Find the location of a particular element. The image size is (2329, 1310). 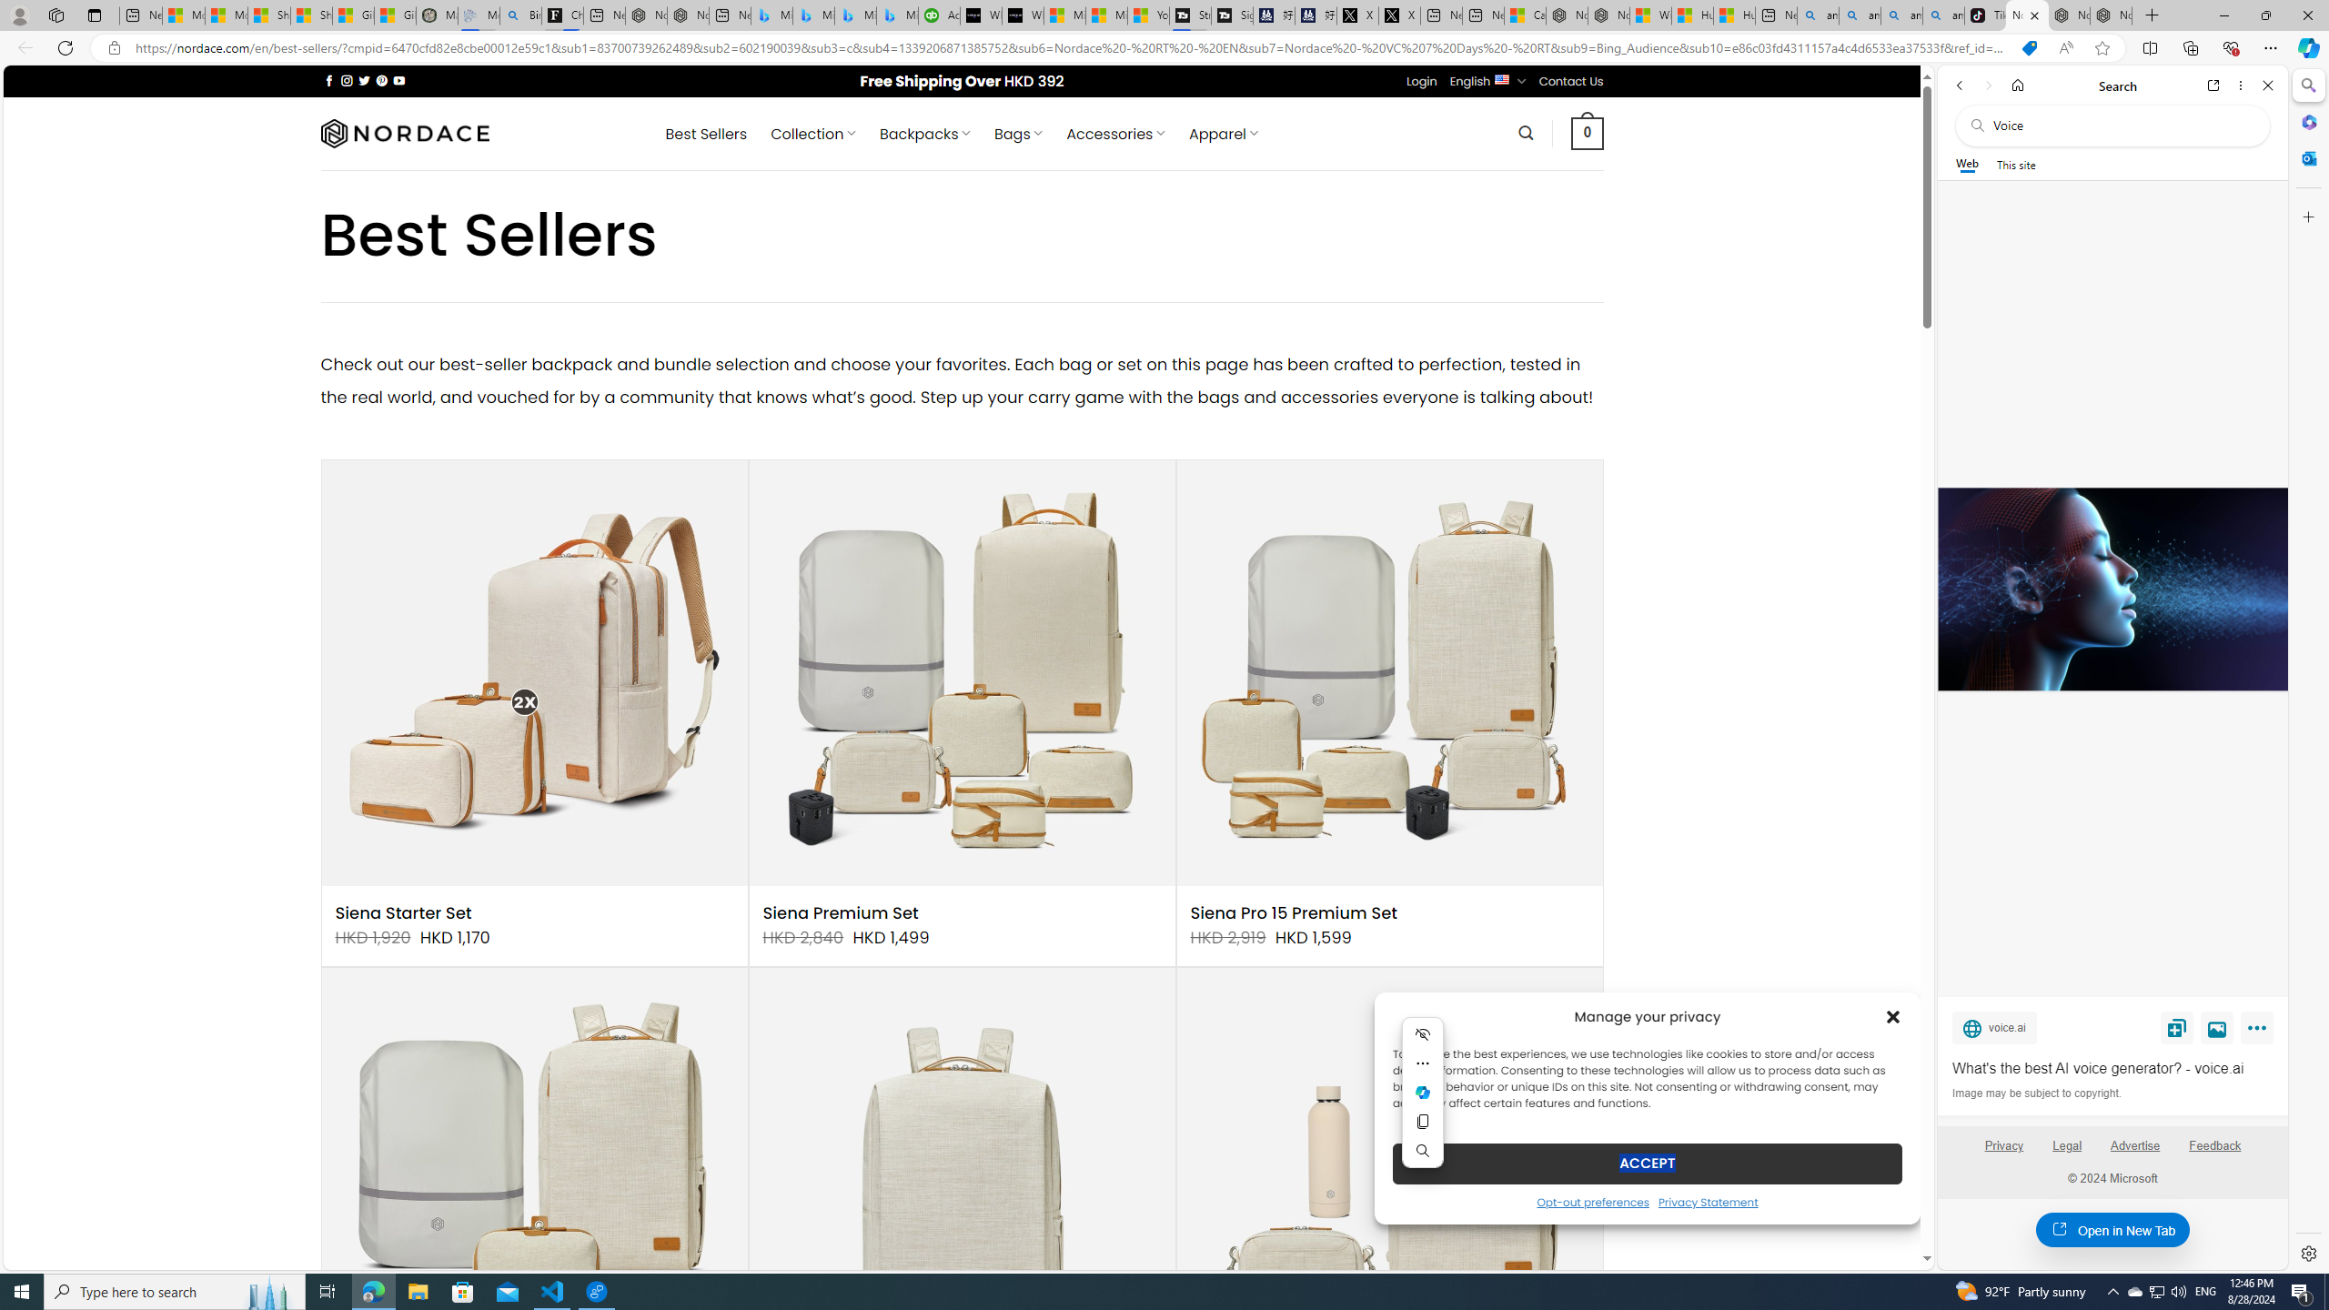

'Bing Real Estate - Home sales and rental listings' is located at coordinates (519, 15).